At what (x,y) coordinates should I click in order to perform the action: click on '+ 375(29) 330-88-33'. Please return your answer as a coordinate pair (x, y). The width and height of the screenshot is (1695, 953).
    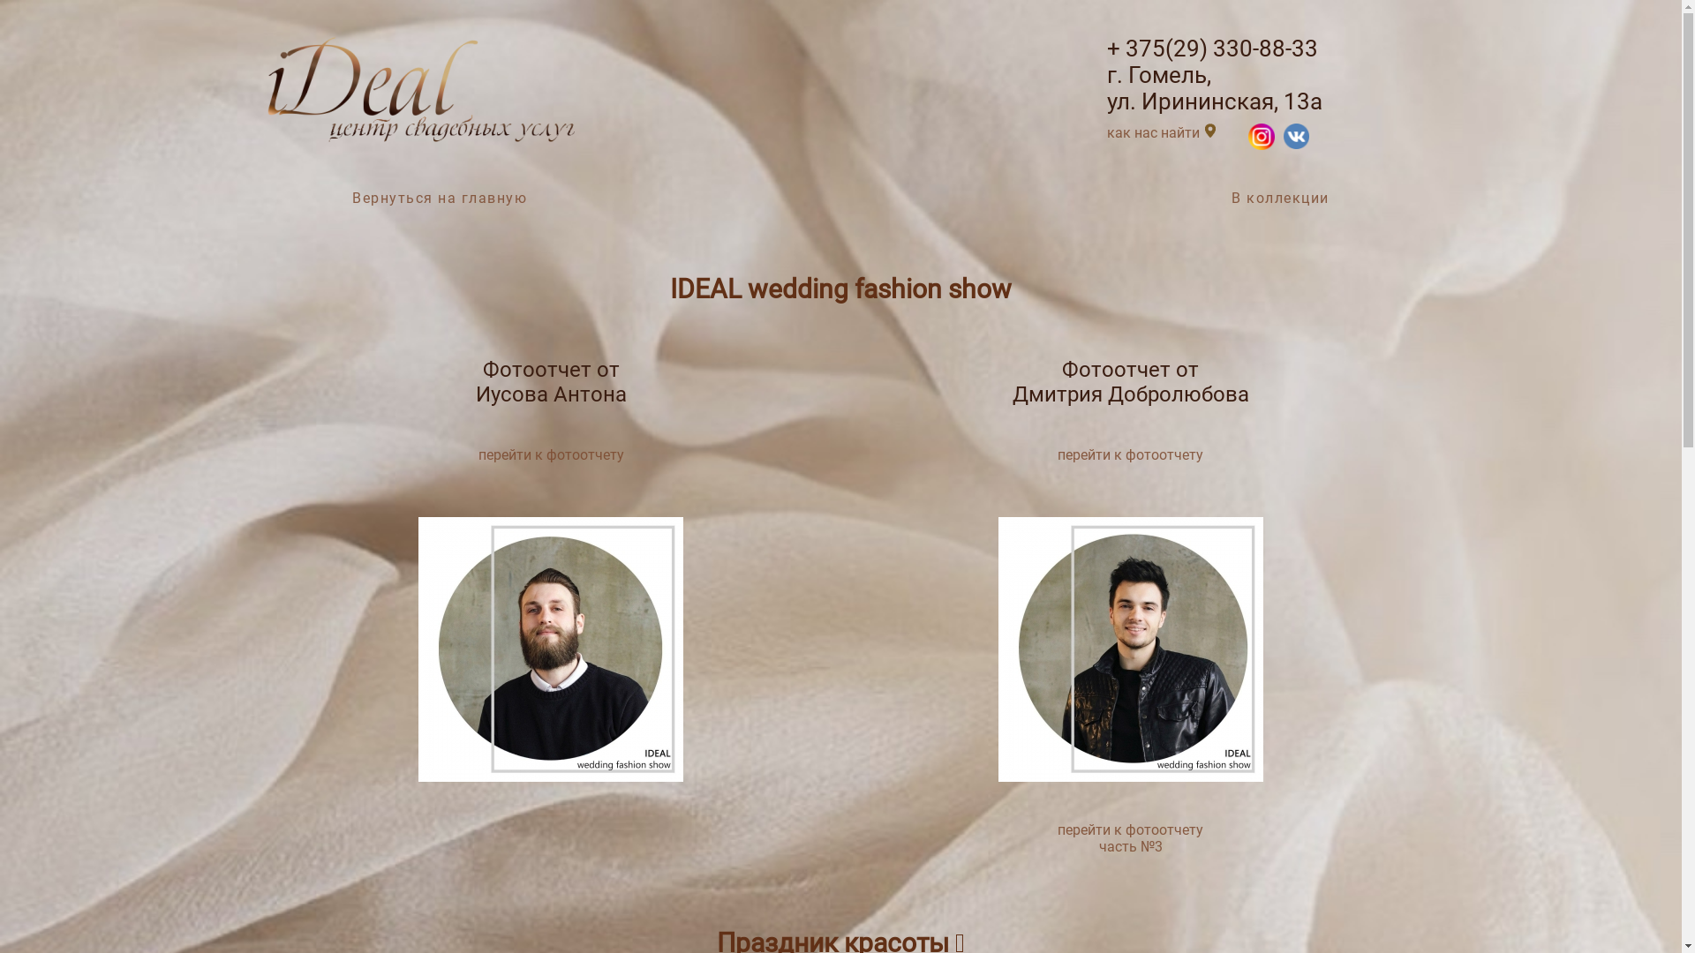
    Looking at the image, I should click on (1211, 47).